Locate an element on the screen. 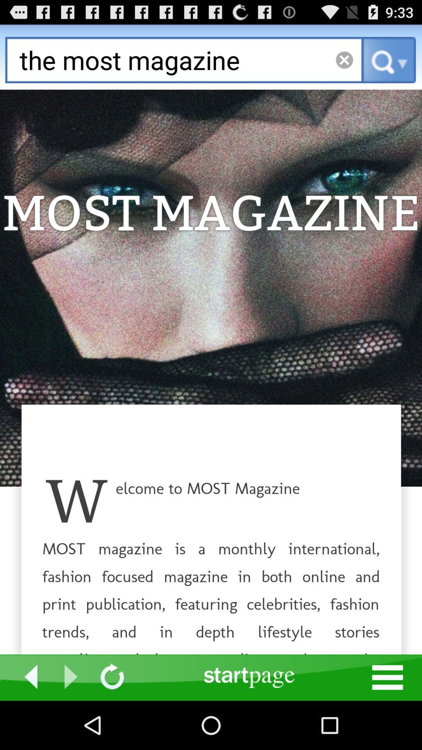 The width and height of the screenshot is (422, 750). button is located at coordinates (344, 59).